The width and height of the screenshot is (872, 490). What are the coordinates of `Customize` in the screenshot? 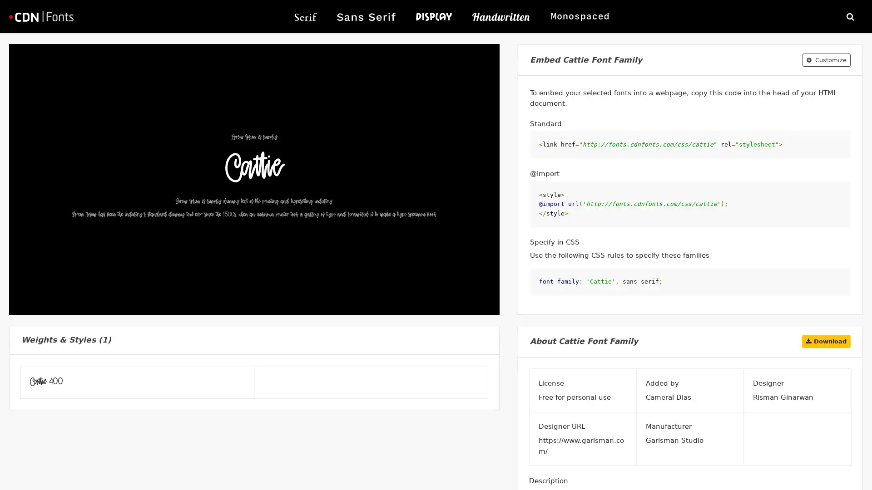 It's located at (826, 59).